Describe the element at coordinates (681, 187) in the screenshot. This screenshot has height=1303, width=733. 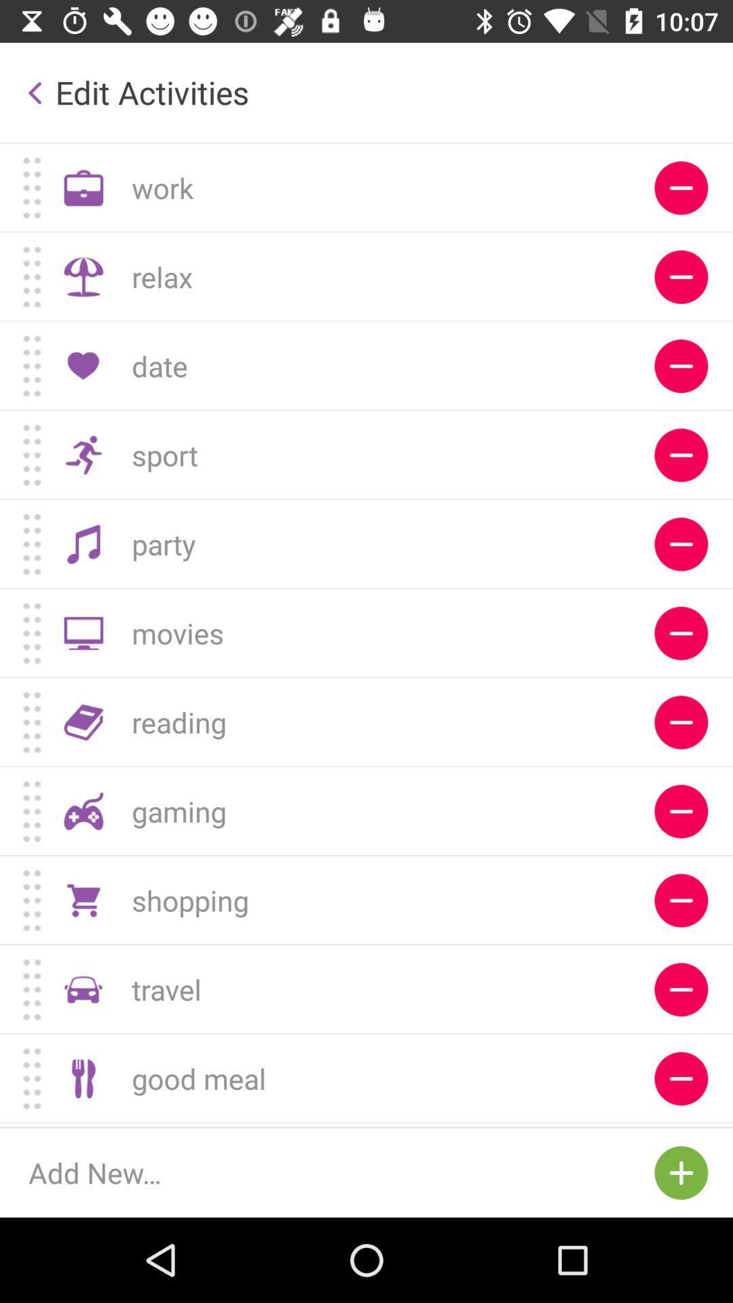
I see `delete work option` at that location.